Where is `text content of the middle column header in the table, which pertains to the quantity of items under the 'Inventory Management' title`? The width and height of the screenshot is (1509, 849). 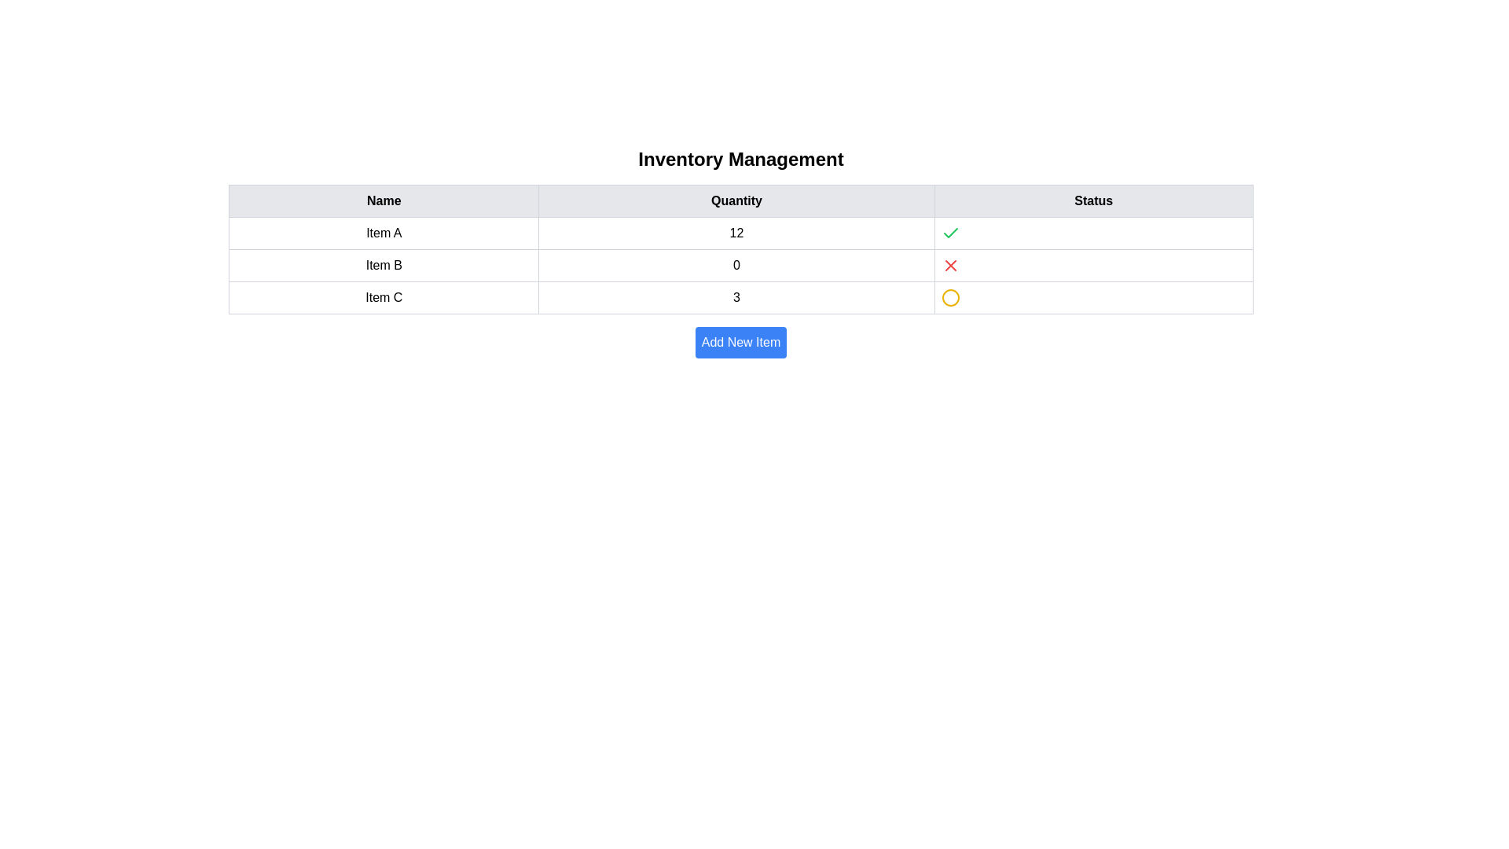
text content of the middle column header in the table, which pertains to the quantity of items under the 'Inventory Management' title is located at coordinates (736, 200).